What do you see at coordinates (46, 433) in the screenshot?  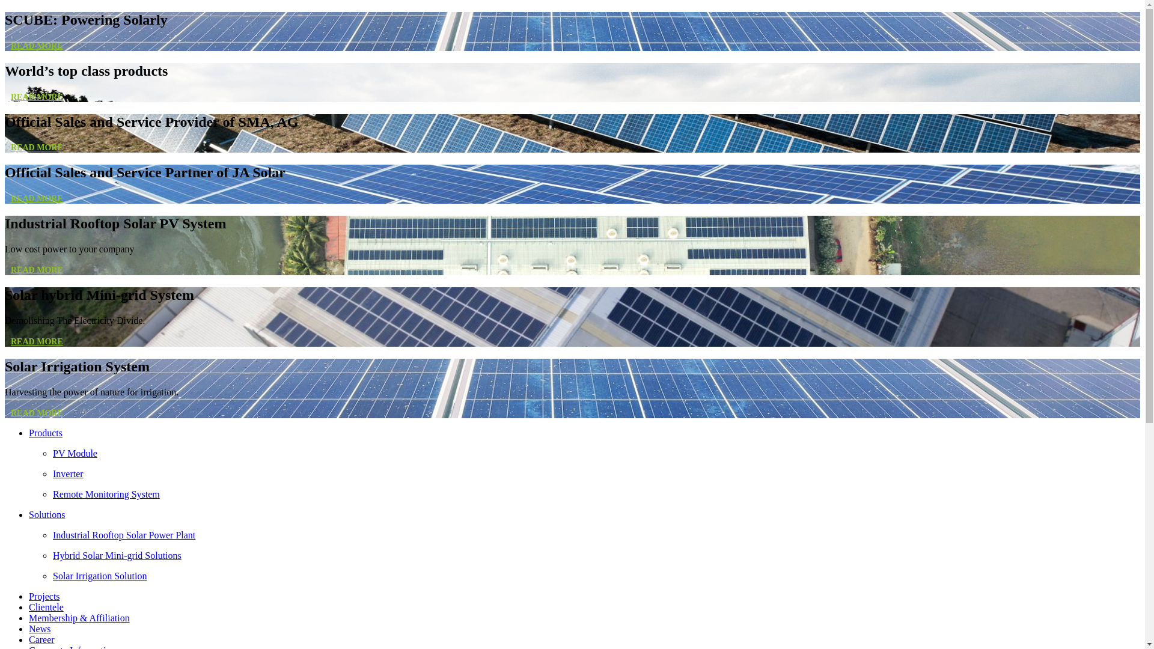 I see `'Products'` at bounding box center [46, 433].